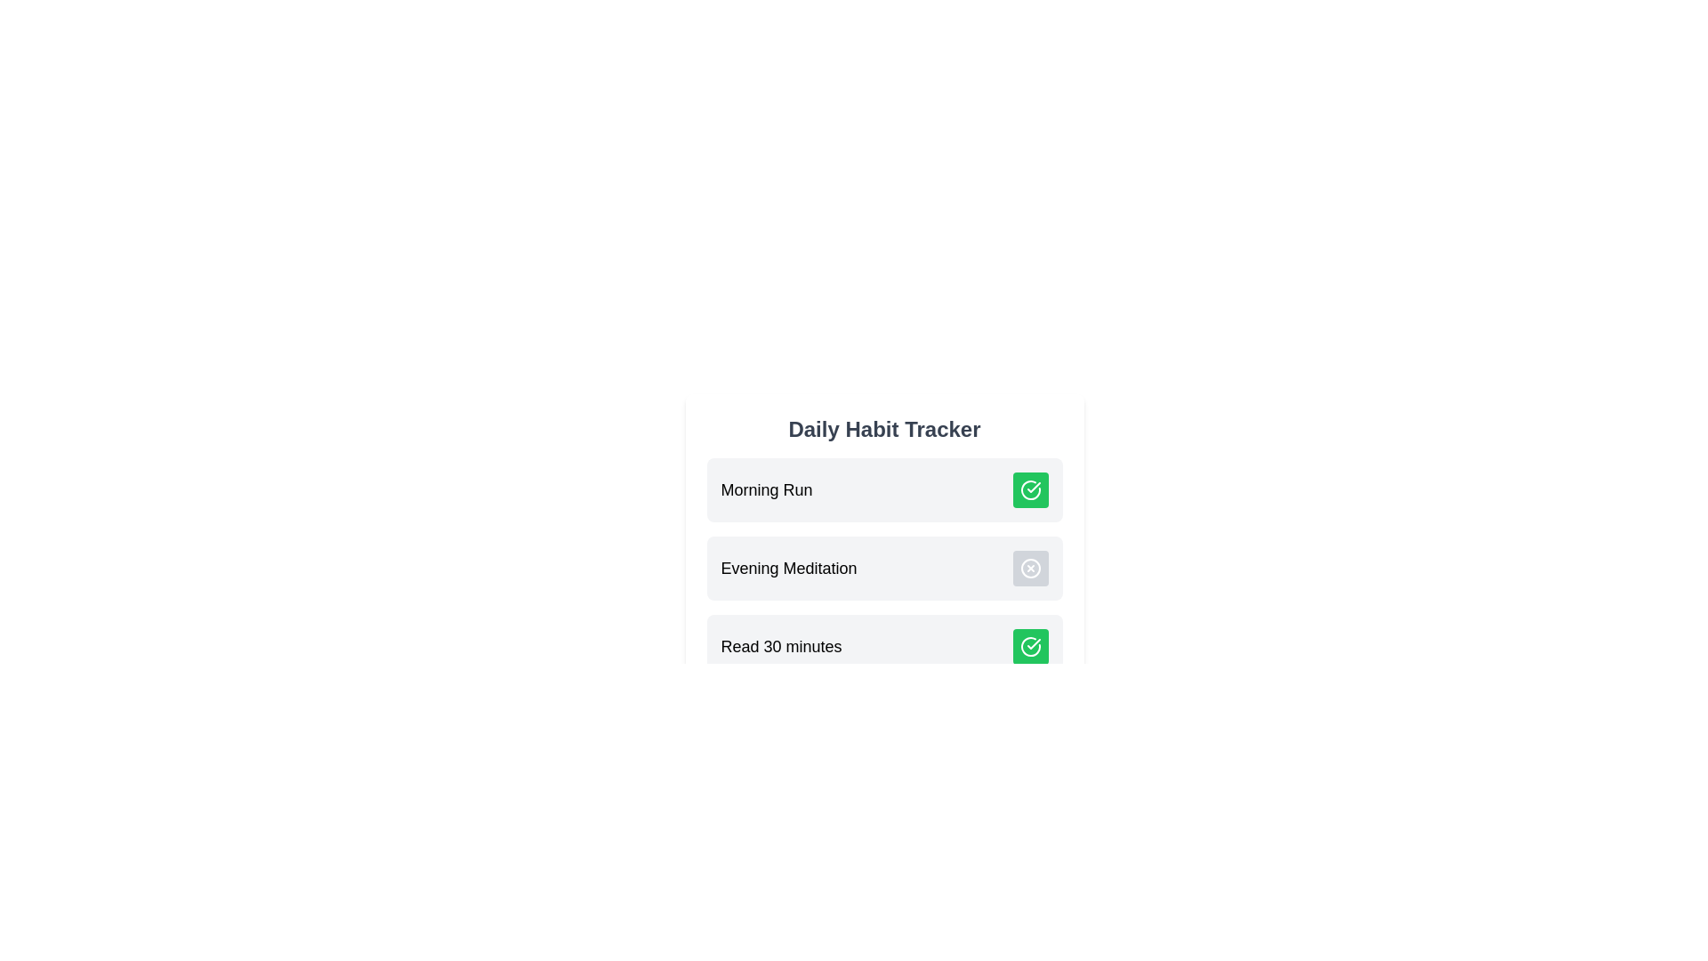  What do you see at coordinates (1030, 646) in the screenshot?
I see `the button located to the far right of the 'Read 30 minutes' row to mark the task as done` at bounding box center [1030, 646].